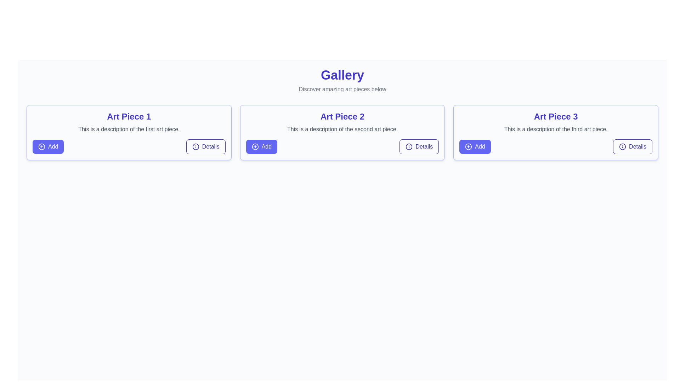  Describe the element at coordinates (555, 129) in the screenshot. I see `the text label that reads 'This is a description of the third art piece.' located below the title 'Art Piece 3'` at that location.